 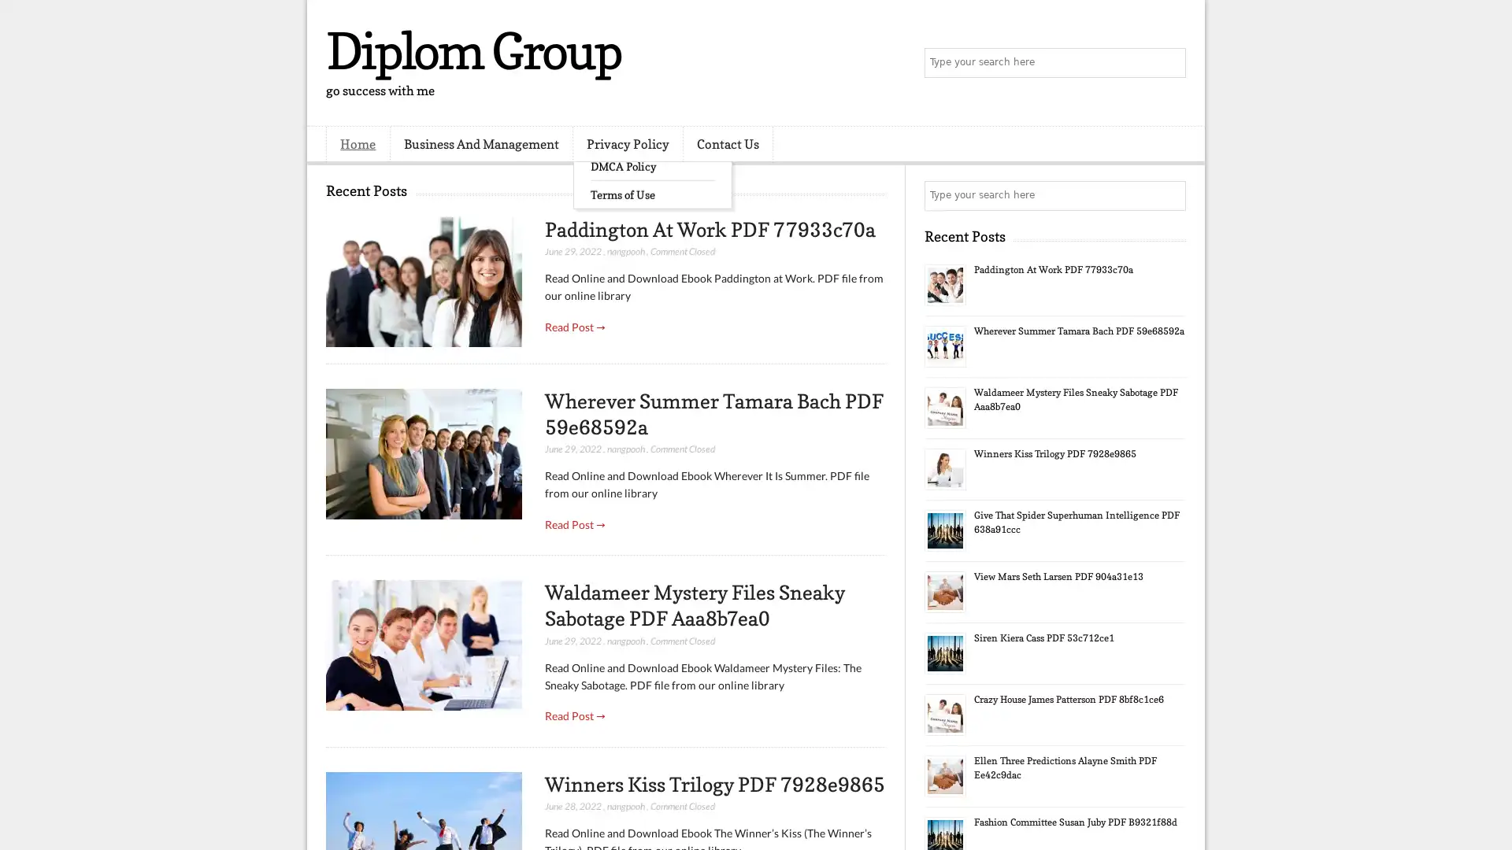 What do you see at coordinates (1169, 63) in the screenshot?
I see `Search` at bounding box center [1169, 63].